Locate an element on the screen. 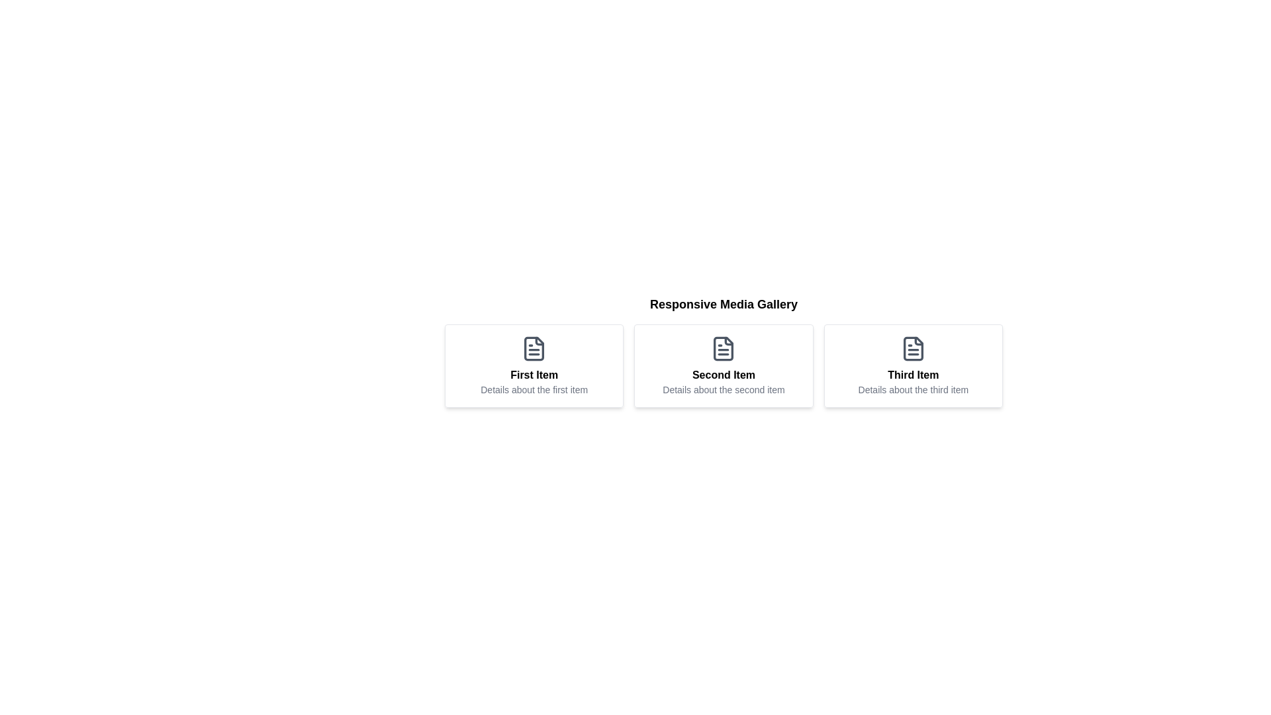 The width and height of the screenshot is (1271, 715). the file icon, which is a gray document outline indicating text, located at the upper section of the 'First Item' card, directly above the title 'First Item' is located at coordinates (534, 348).